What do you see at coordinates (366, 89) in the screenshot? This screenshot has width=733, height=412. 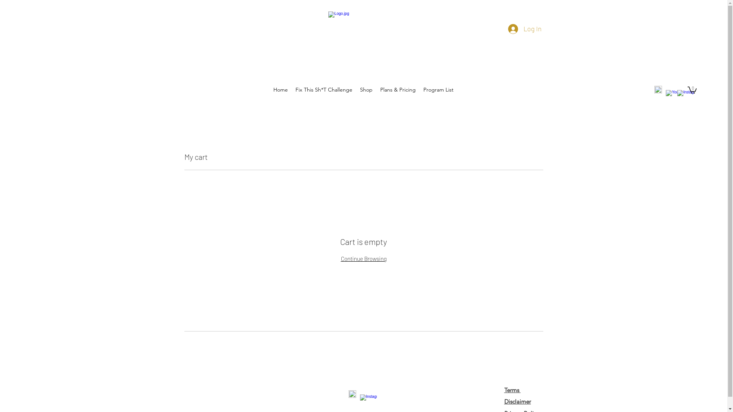 I see `'Shop'` at bounding box center [366, 89].